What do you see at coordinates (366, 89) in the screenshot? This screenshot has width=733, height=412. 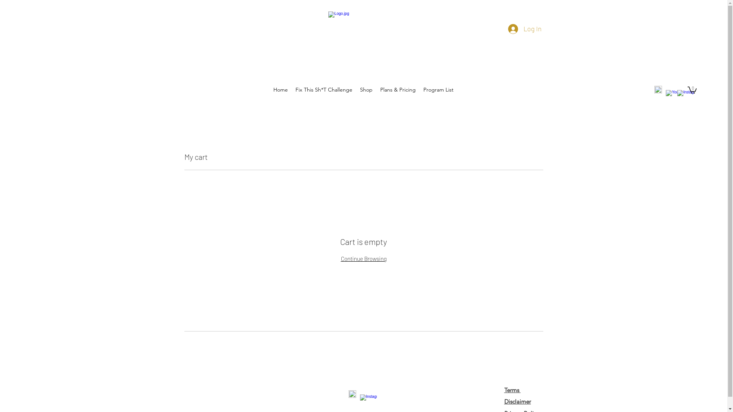 I see `'Shop'` at bounding box center [366, 89].